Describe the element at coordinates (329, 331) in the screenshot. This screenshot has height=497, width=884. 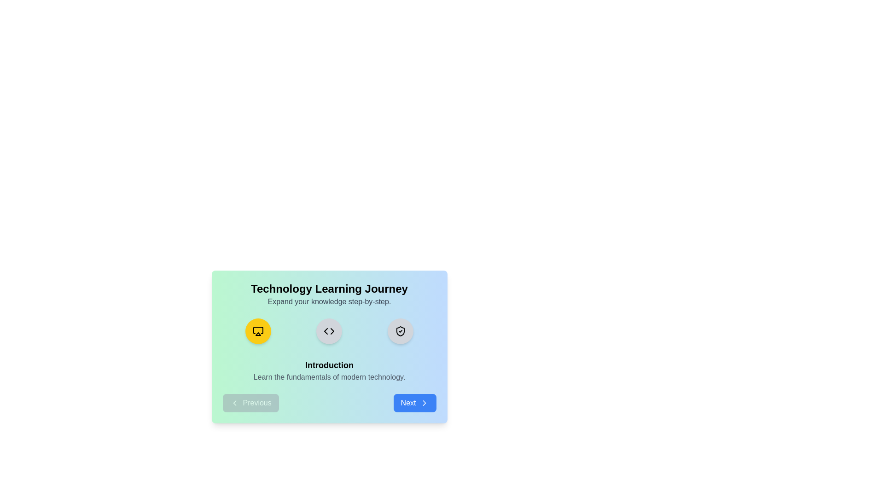
I see `the step icon corresponding to the Development step` at that location.